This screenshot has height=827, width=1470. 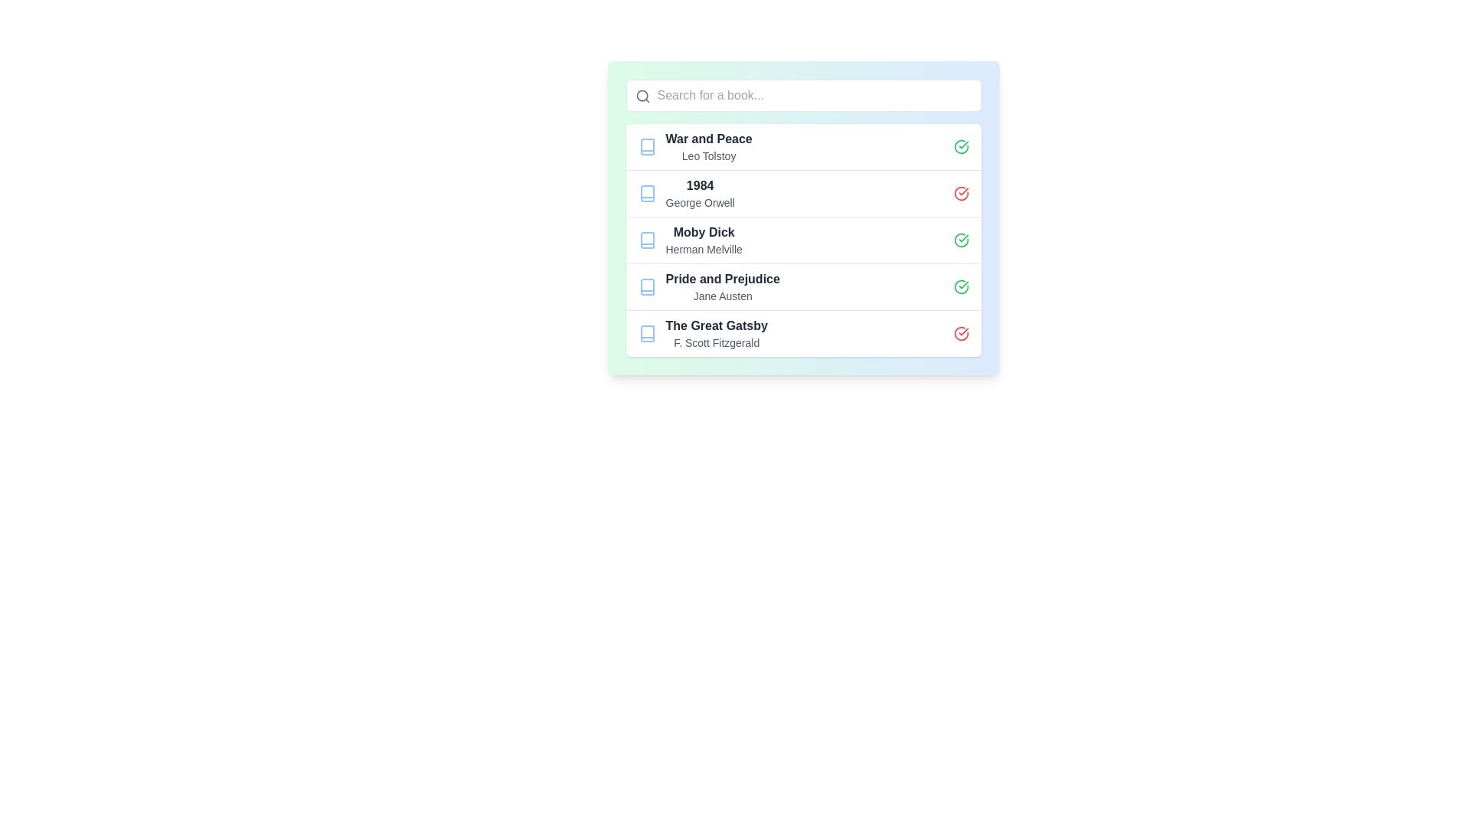 What do you see at coordinates (802, 218) in the screenshot?
I see `the list item displaying the third book entry, which has a gradient background, rounded corners, and shadow effect, containing the title and author subtitle` at bounding box center [802, 218].